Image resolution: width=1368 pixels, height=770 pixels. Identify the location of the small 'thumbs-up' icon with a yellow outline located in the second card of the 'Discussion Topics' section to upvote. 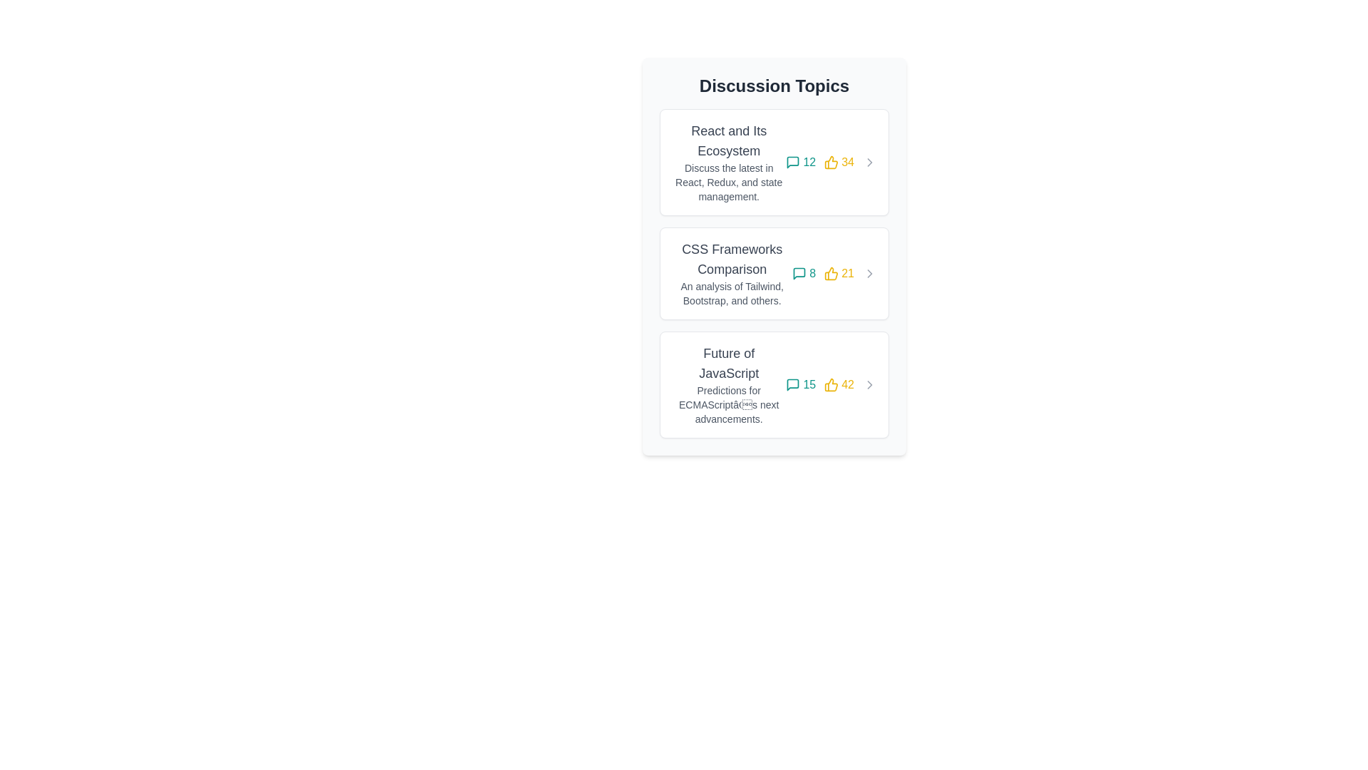
(831, 274).